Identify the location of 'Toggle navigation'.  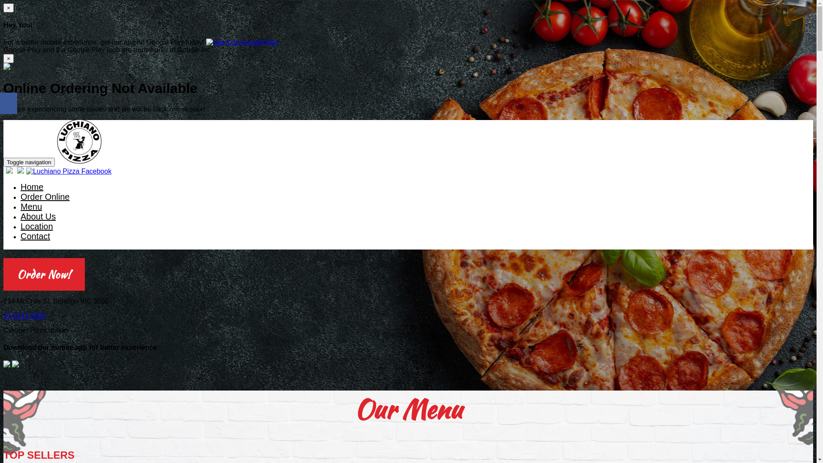
(29, 162).